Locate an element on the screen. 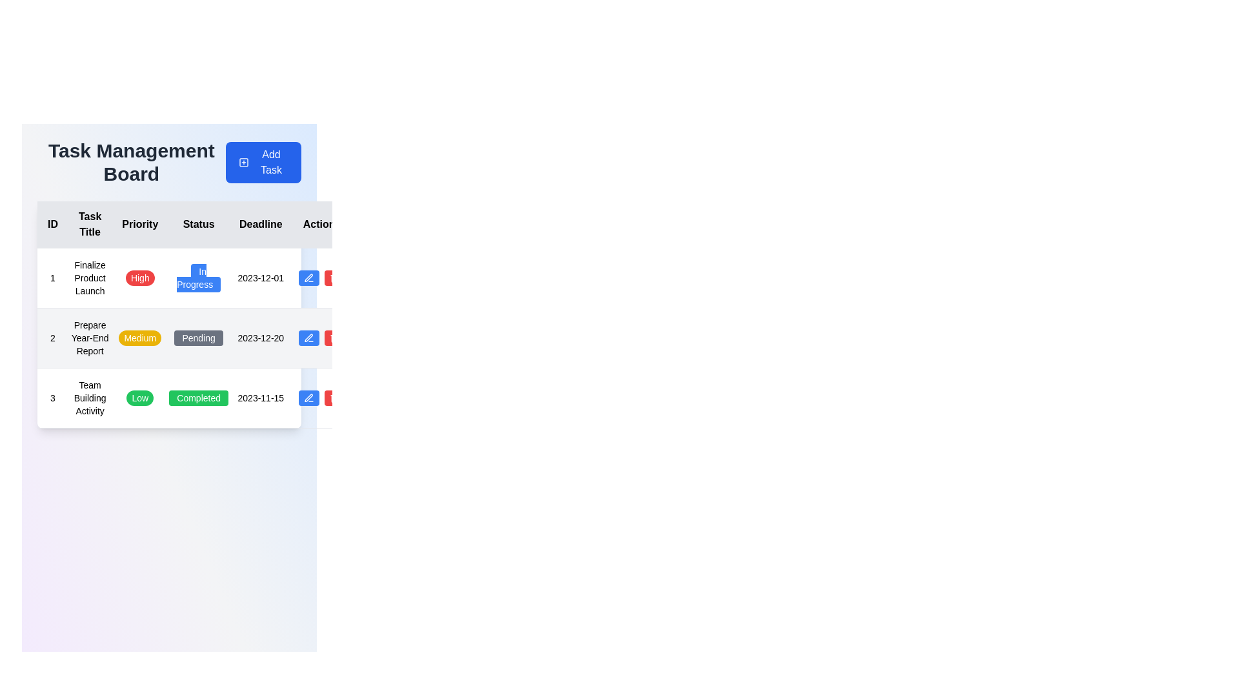 Image resolution: width=1239 pixels, height=697 pixels. the 'Pending' status label located in the second row of the table under the 'Status' column, positioned between the 'Priority' and 'Deadline' columns is located at coordinates (198, 338).